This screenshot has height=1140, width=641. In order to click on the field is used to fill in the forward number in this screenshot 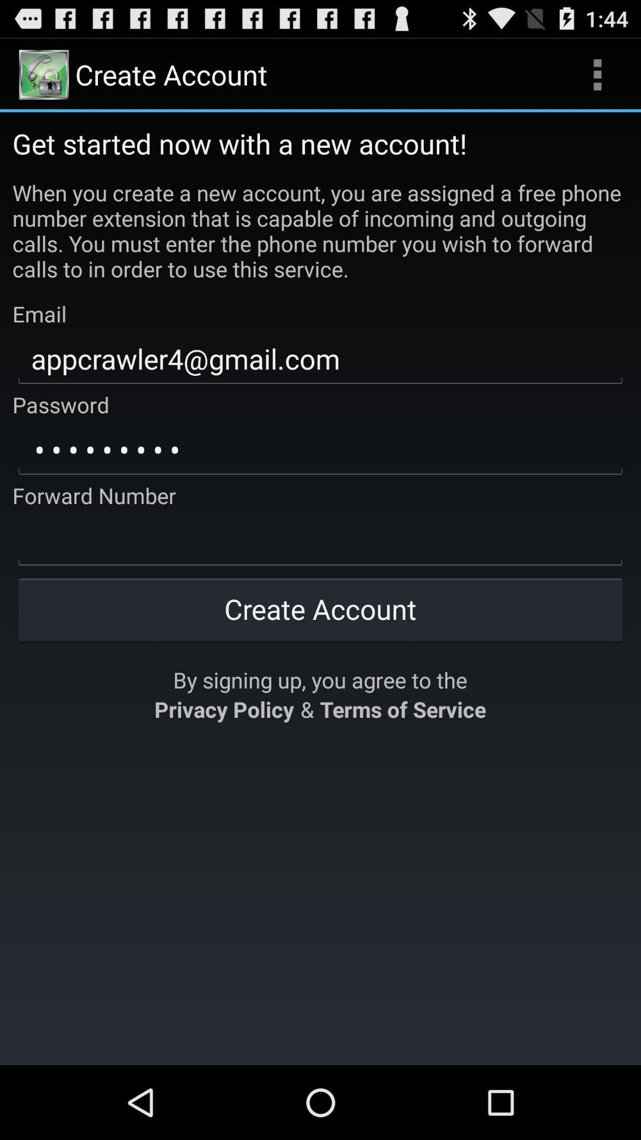, I will do `click(320, 540)`.